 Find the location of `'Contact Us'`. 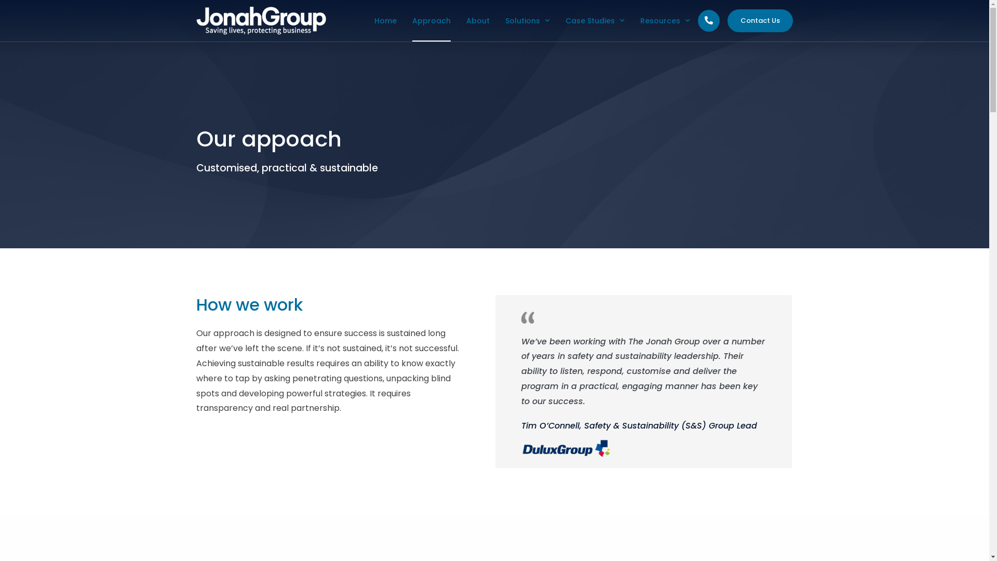

'Contact Us' is located at coordinates (760, 21).